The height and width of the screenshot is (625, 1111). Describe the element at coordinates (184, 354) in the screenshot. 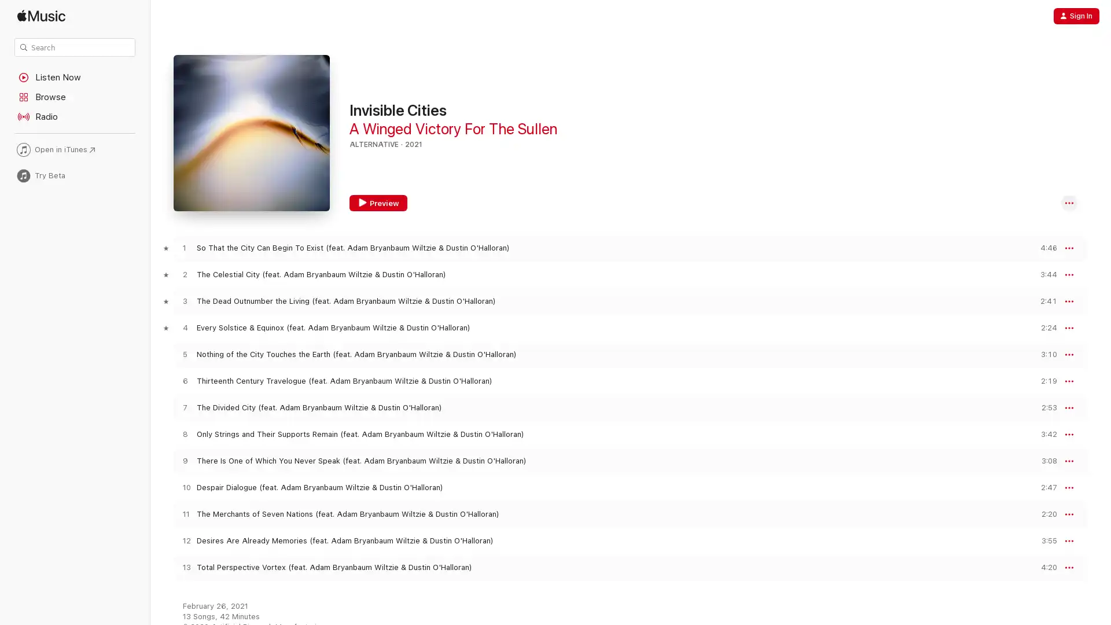

I see `Play` at that location.